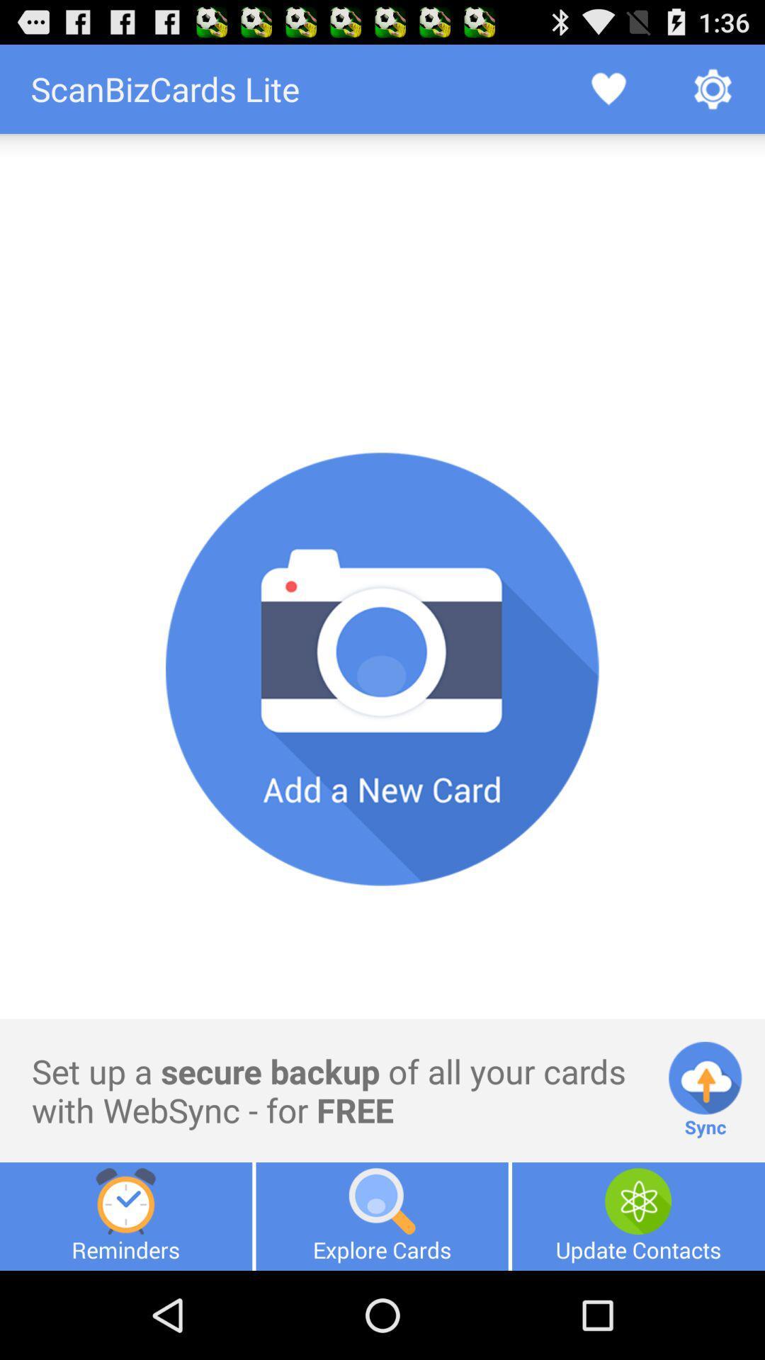  What do you see at coordinates (382, 179) in the screenshot?
I see `the icon at the top` at bounding box center [382, 179].